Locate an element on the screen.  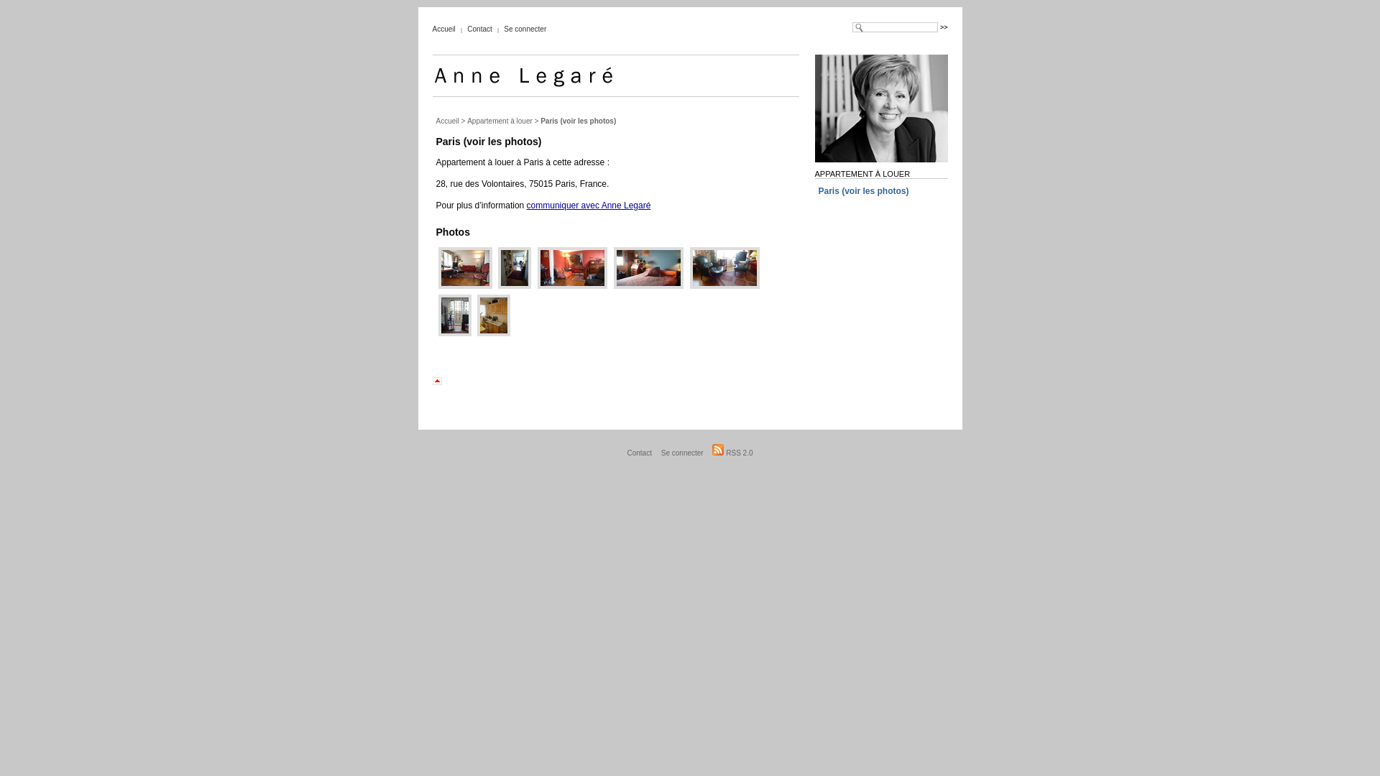
'remonter' is located at coordinates (446, 380).